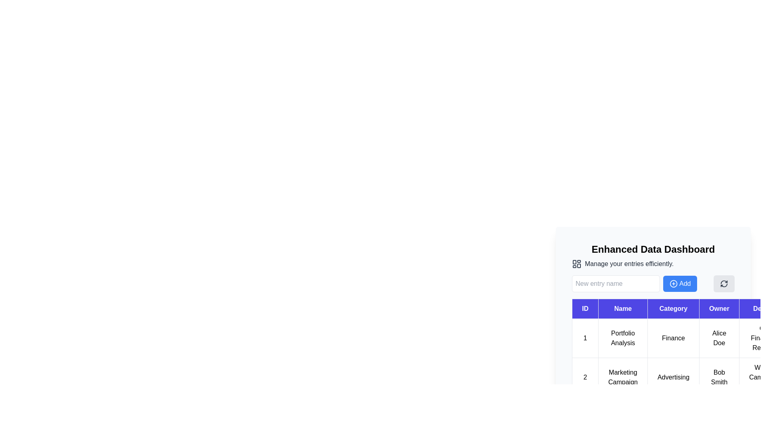  What do you see at coordinates (673, 308) in the screenshot?
I see `the 'Category' table header cell, which is the third header in the row, positioned between the 'Name' and 'Owner' headers` at bounding box center [673, 308].